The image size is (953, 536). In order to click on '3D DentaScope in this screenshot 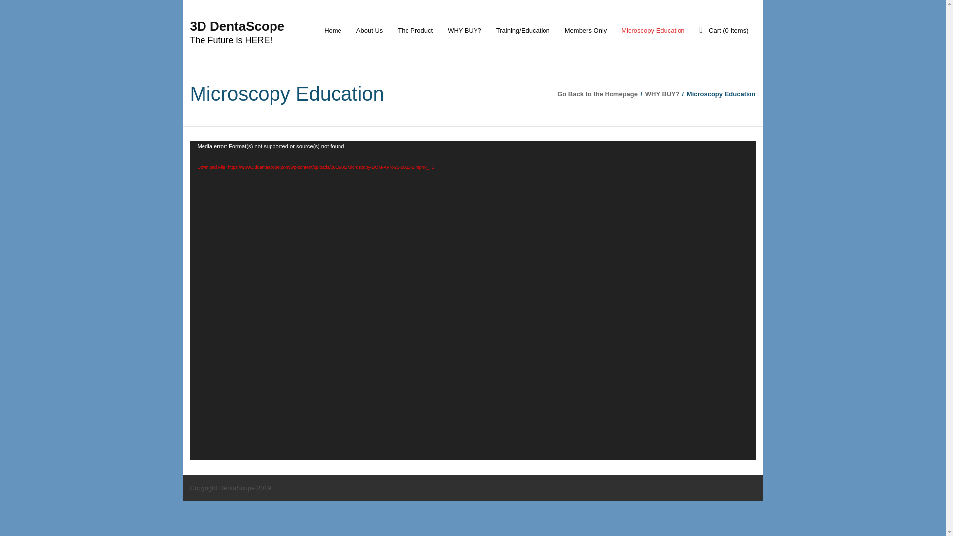, I will do `click(236, 30)`.